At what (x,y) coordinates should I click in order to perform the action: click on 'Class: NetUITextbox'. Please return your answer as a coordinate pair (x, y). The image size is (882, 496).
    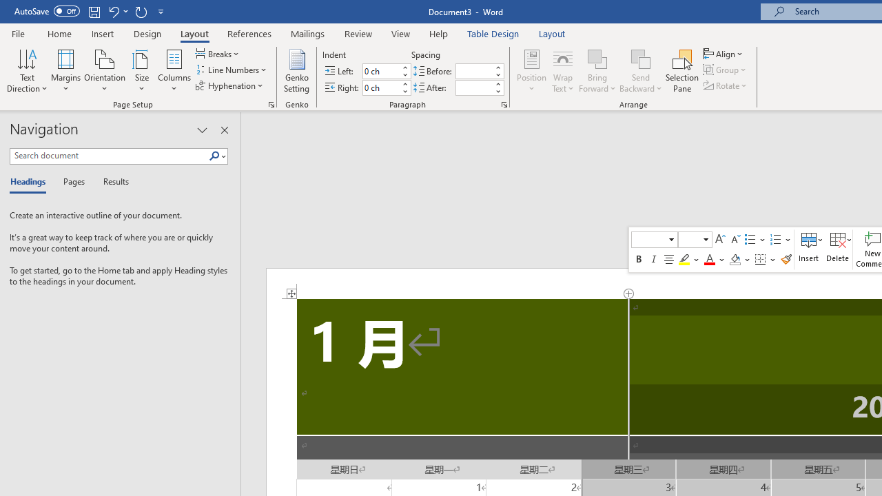
    Looking at the image, I should click on (689, 238).